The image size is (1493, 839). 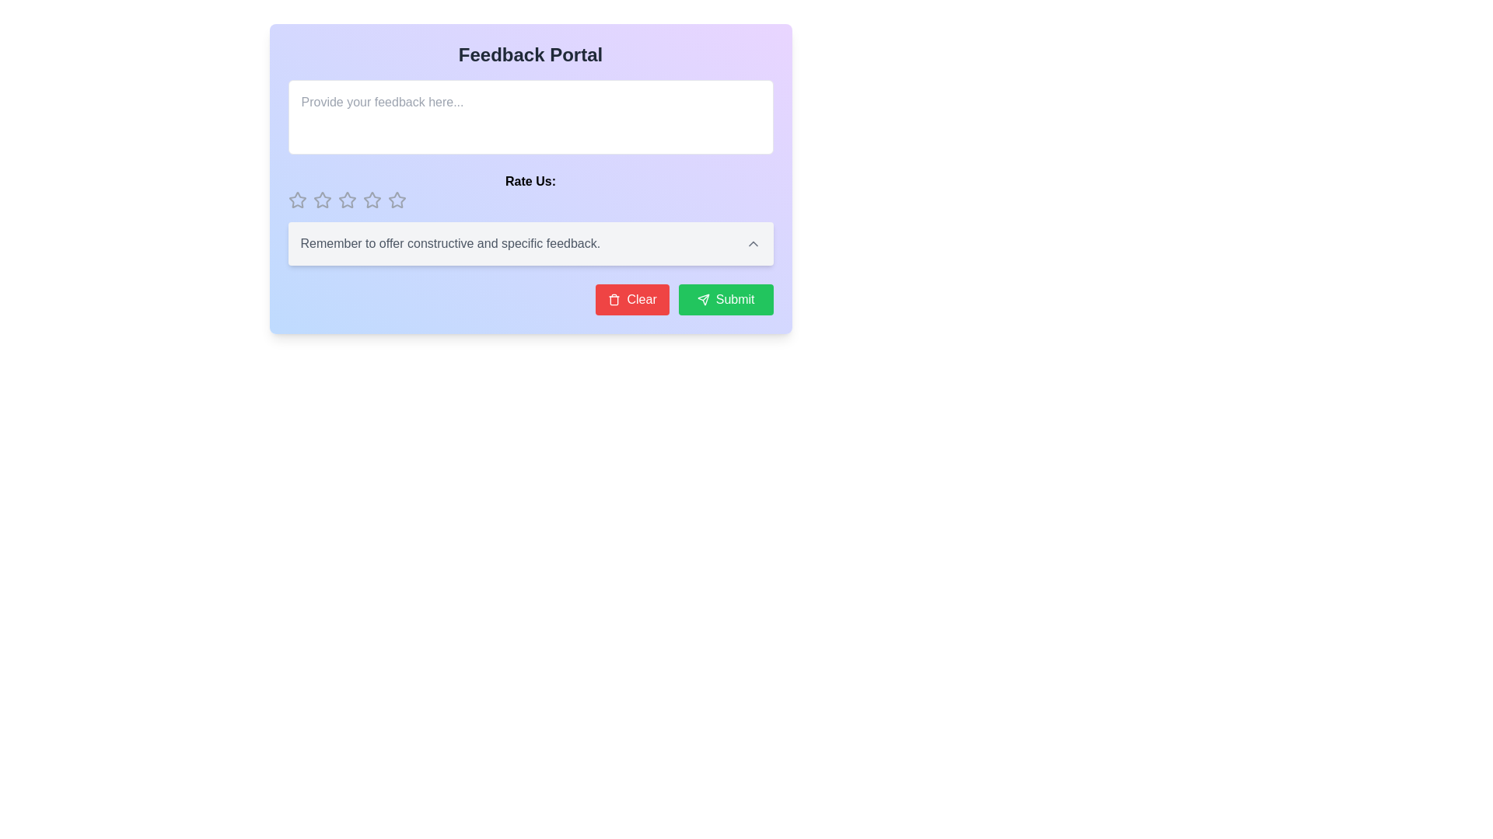 I want to click on informational display located at the bottom section of the feedback portal interface, directly below the rating stars and above the 'Clear' and 'Submit' buttons, so click(x=530, y=243).